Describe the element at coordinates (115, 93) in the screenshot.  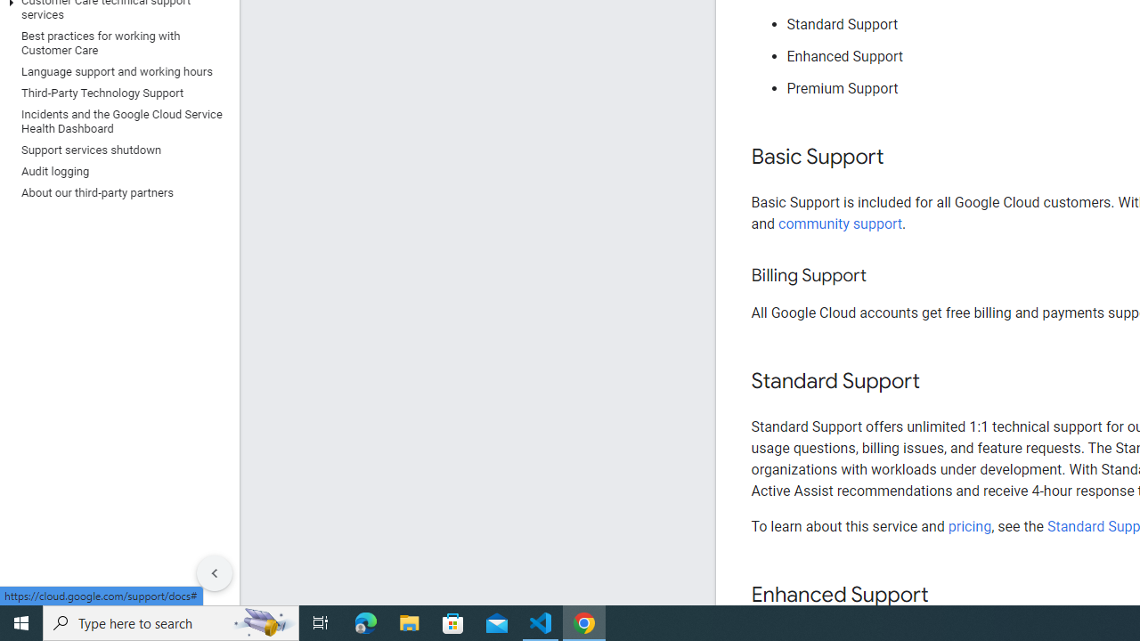
I see `'Third-Party Technology Support'` at that location.